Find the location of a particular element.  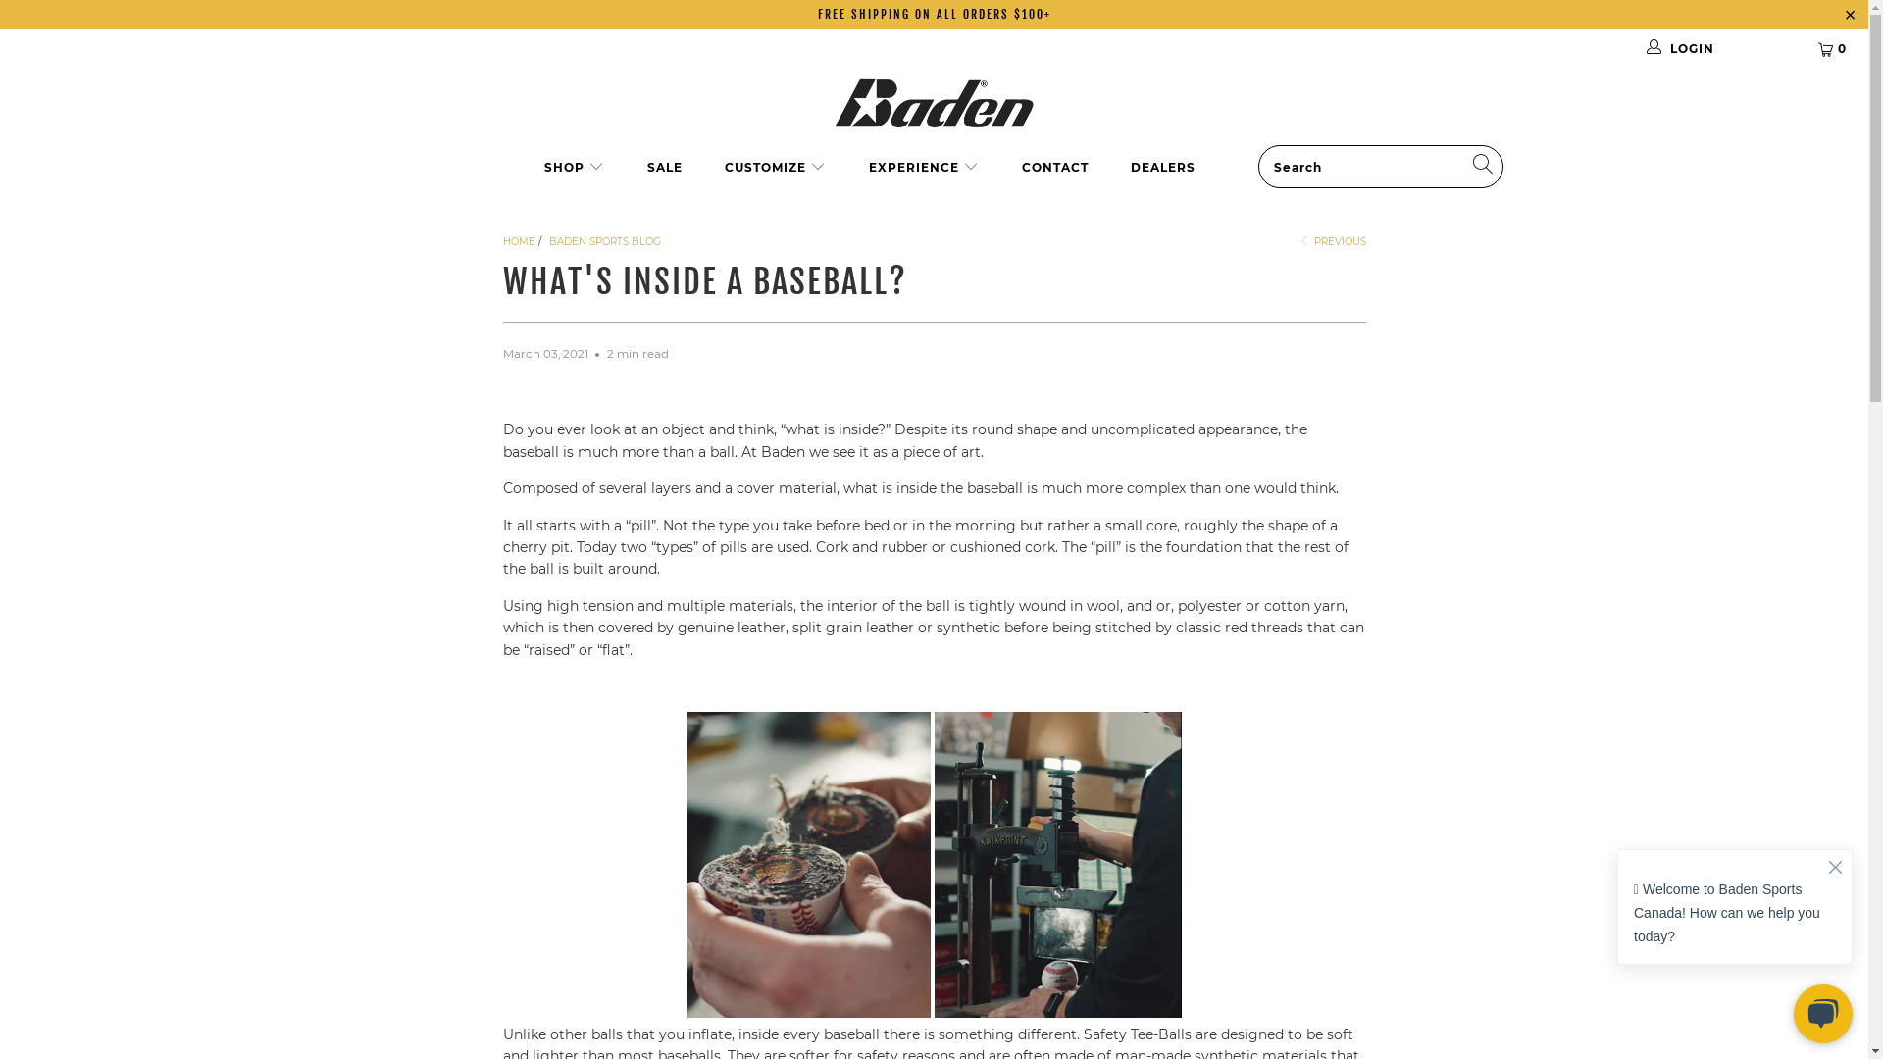

'BADEN SPORTS BLOG' is located at coordinates (604, 240).